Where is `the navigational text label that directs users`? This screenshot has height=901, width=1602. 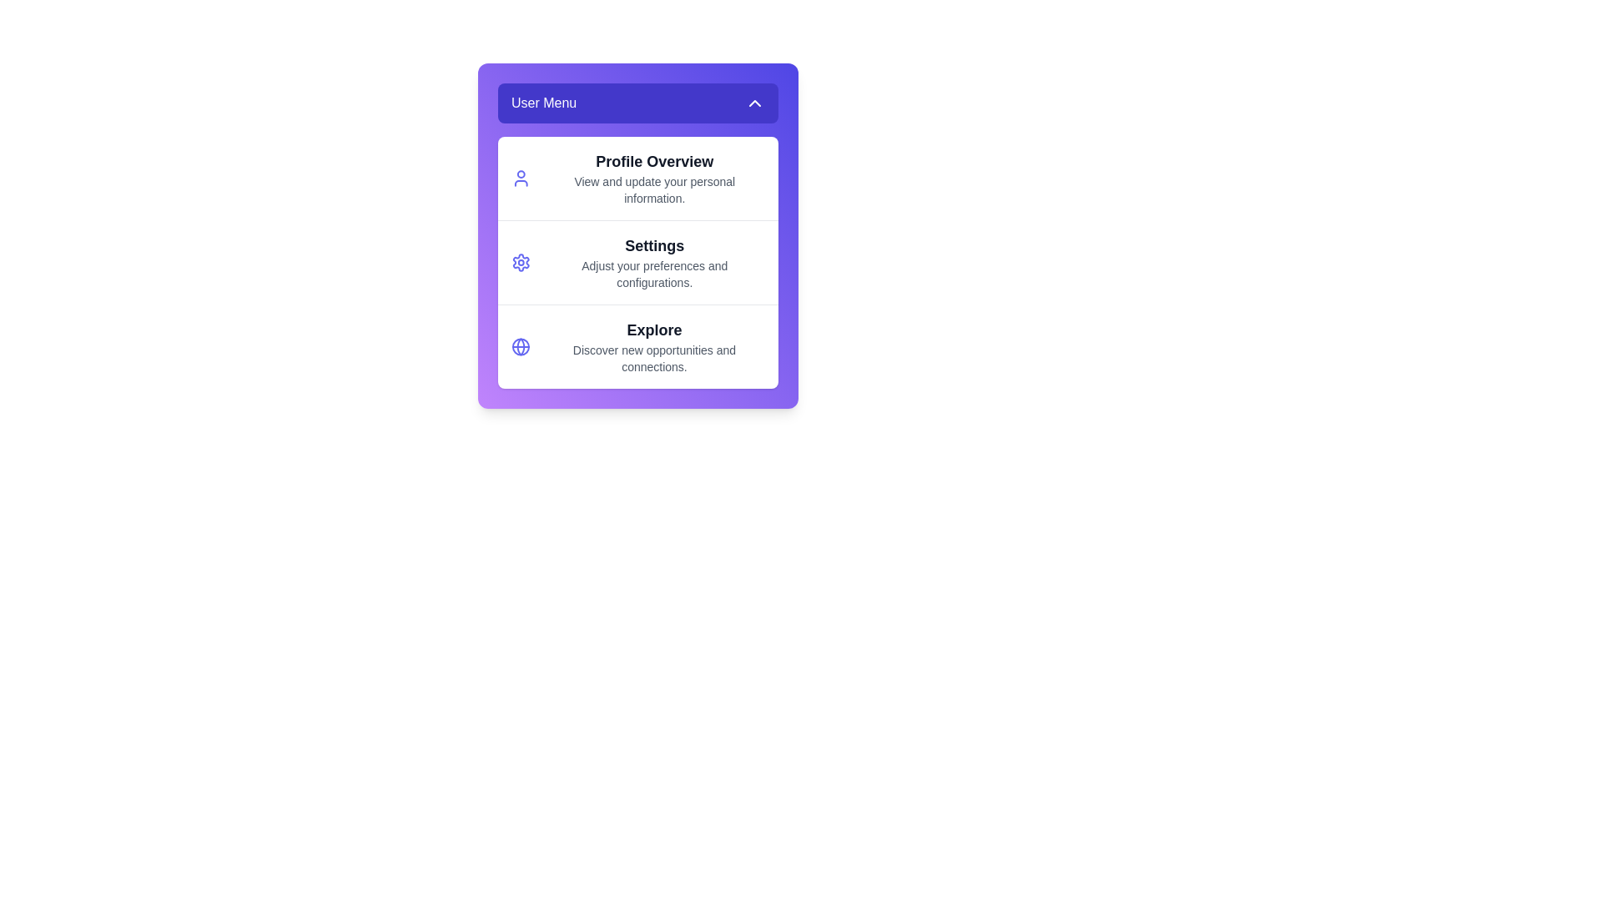 the navigational text label that directs users is located at coordinates (653, 178).